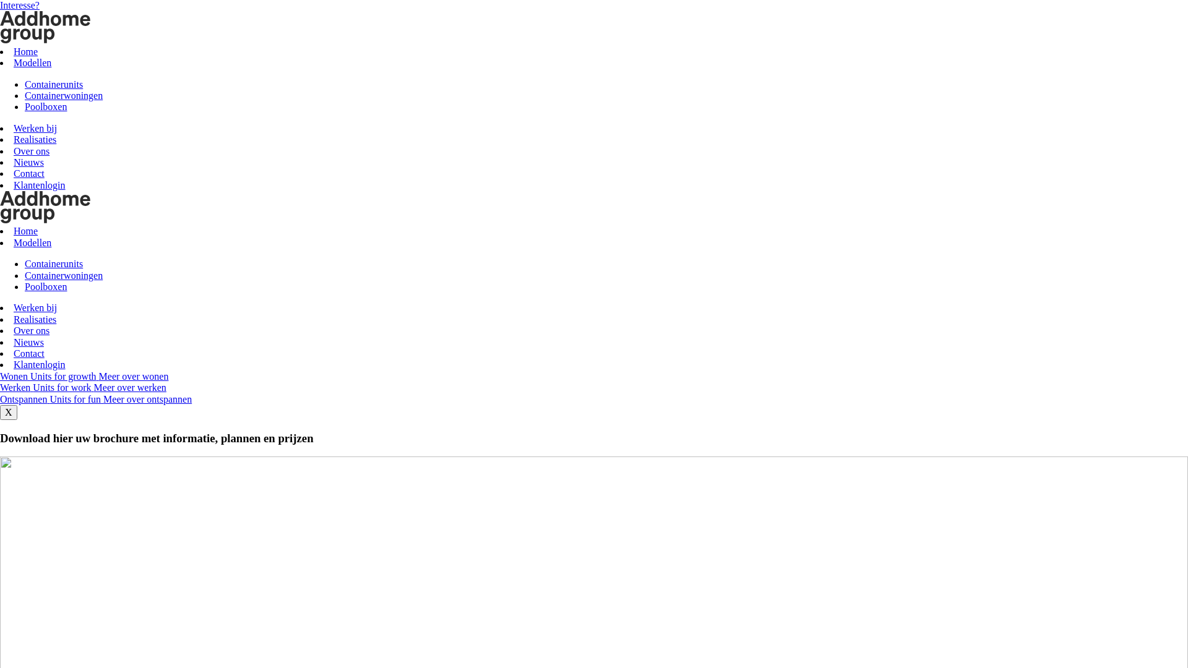  Describe the element at coordinates (82, 387) in the screenshot. I see `'Werken Units for work Meer over werken'` at that location.